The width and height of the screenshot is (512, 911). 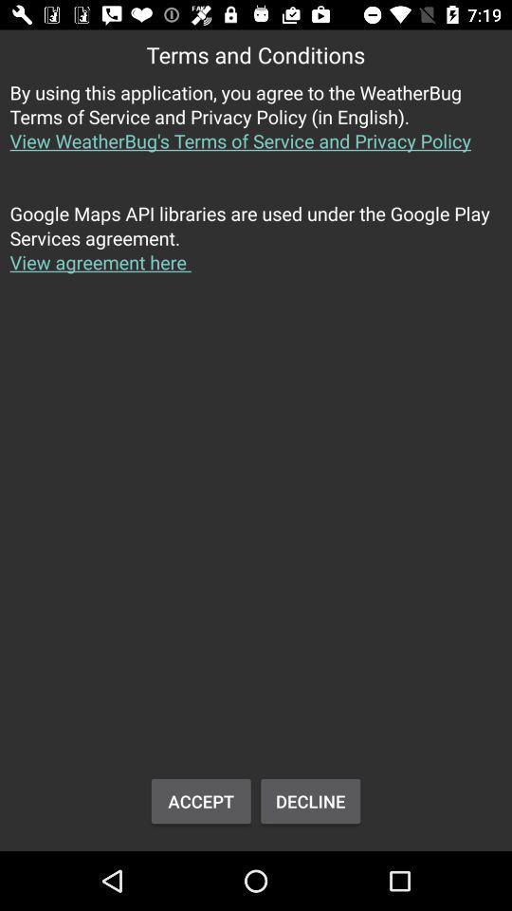 I want to click on by using this item, so click(x=256, y=126).